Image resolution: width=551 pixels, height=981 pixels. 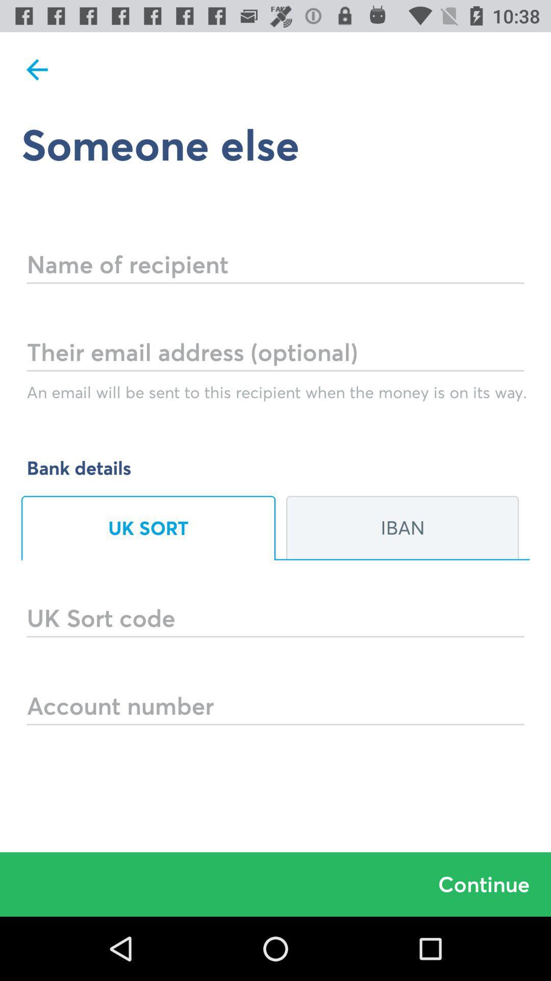 What do you see at coordinates (37, 69) in the screenshot?
I see `item at the top left corner` at bounding box center [37, 69].